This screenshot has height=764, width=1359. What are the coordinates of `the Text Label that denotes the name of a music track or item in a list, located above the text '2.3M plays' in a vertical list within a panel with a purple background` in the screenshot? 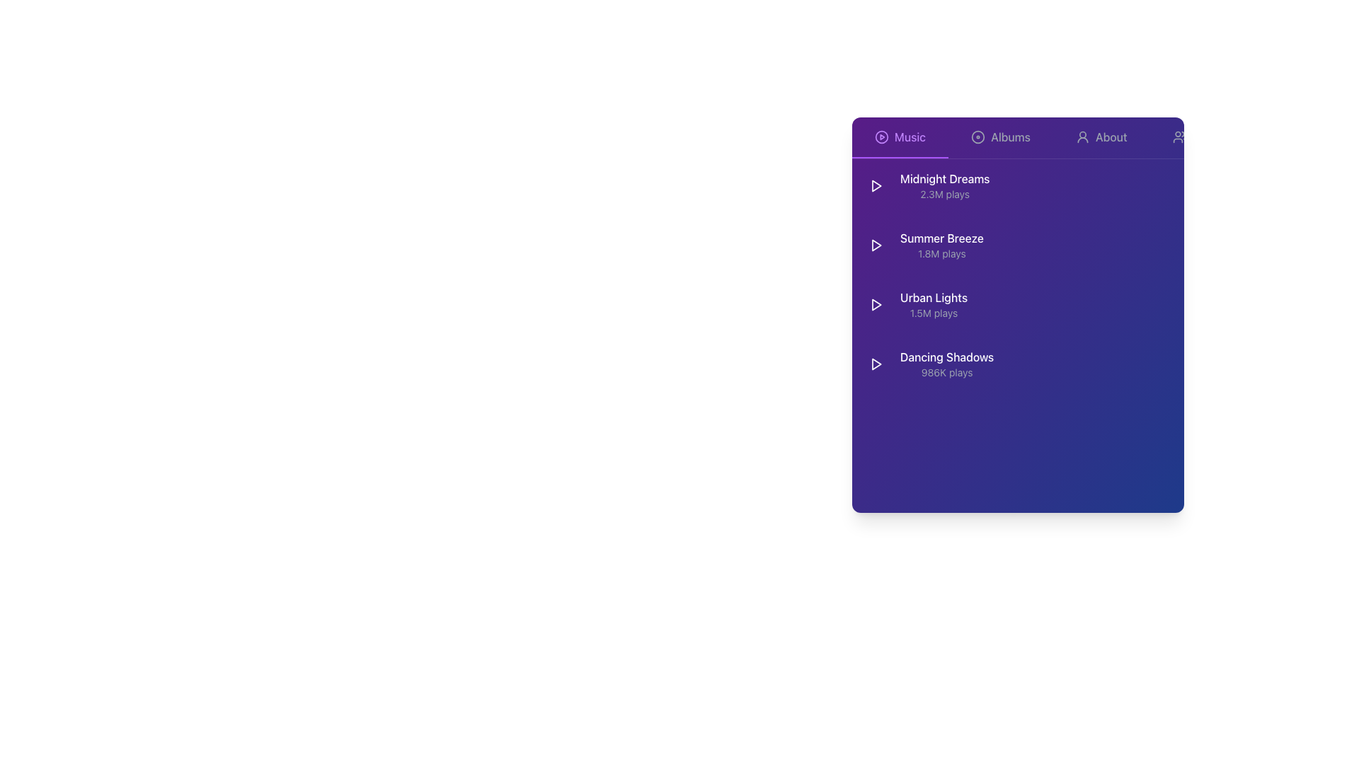 It's located at (944, 178).